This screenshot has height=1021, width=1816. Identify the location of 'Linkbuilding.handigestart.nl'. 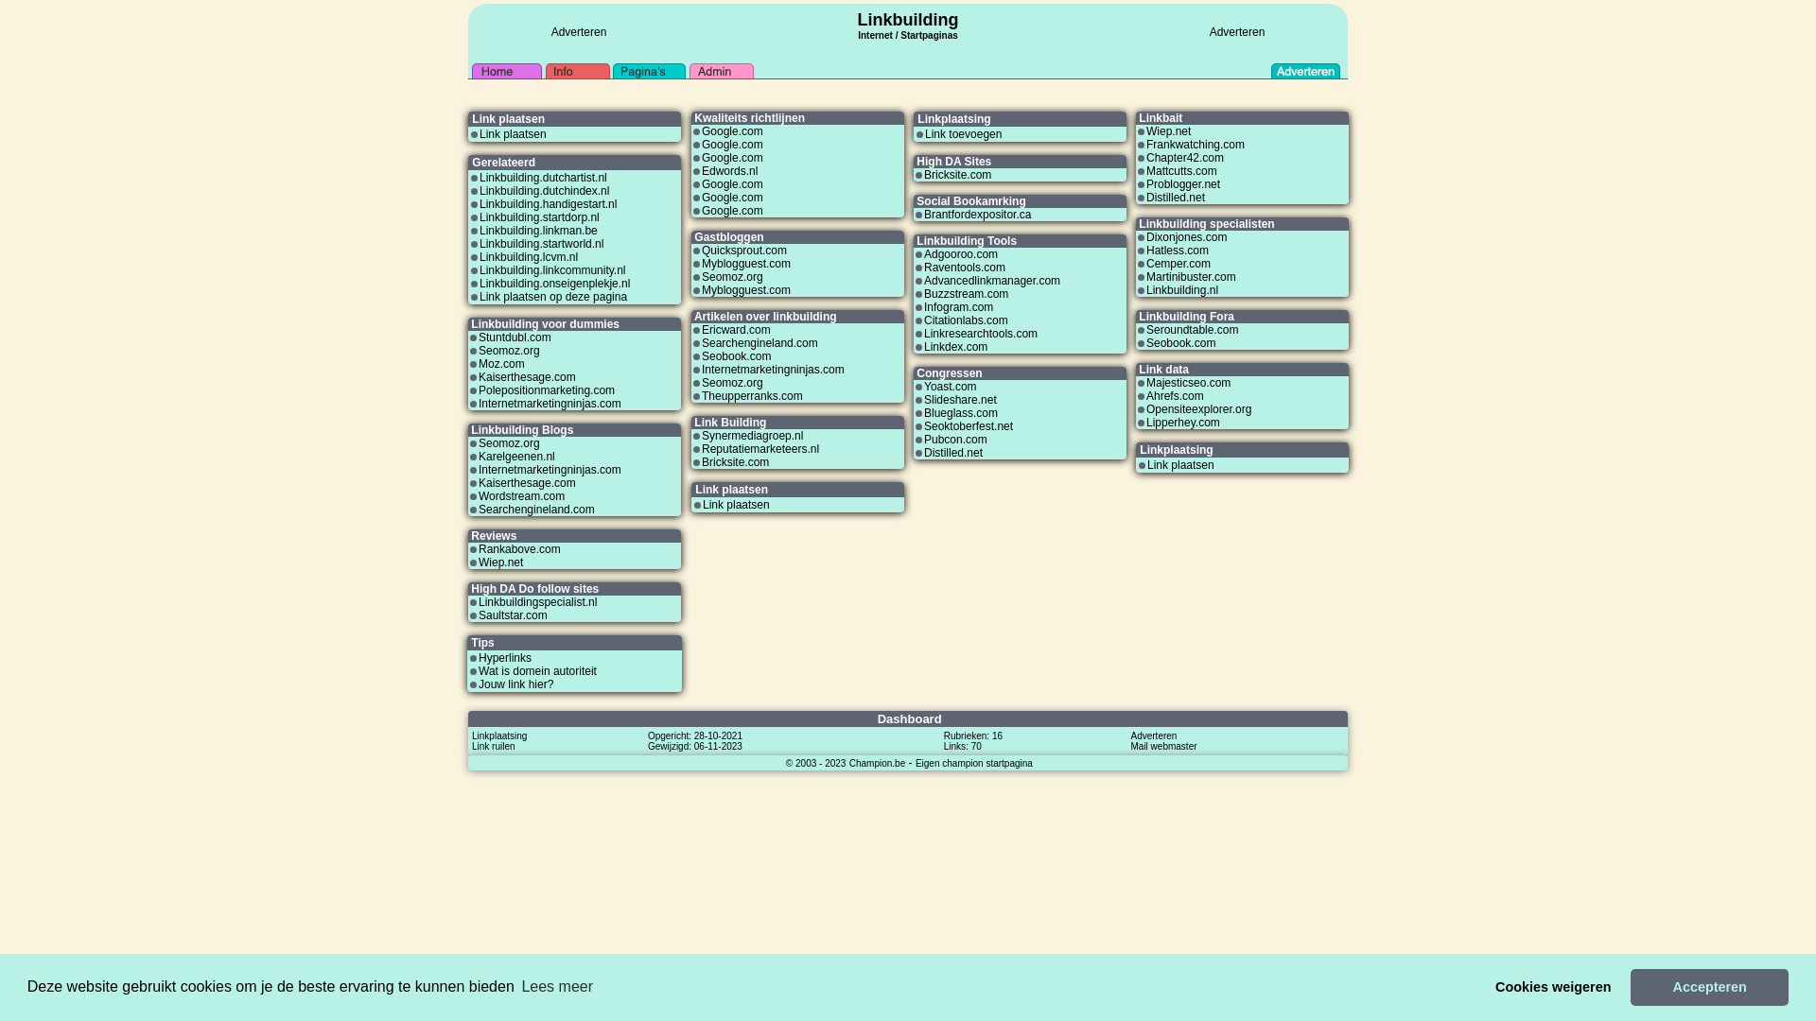
(547, 204).